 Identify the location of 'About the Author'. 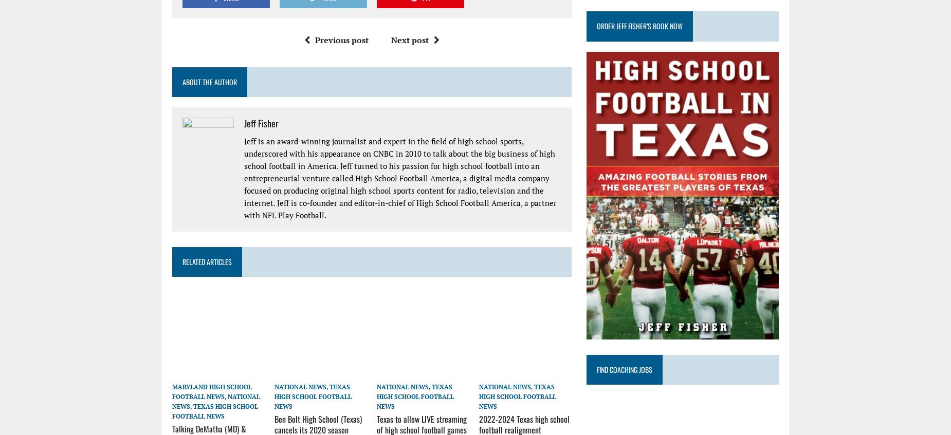
(209, 81).